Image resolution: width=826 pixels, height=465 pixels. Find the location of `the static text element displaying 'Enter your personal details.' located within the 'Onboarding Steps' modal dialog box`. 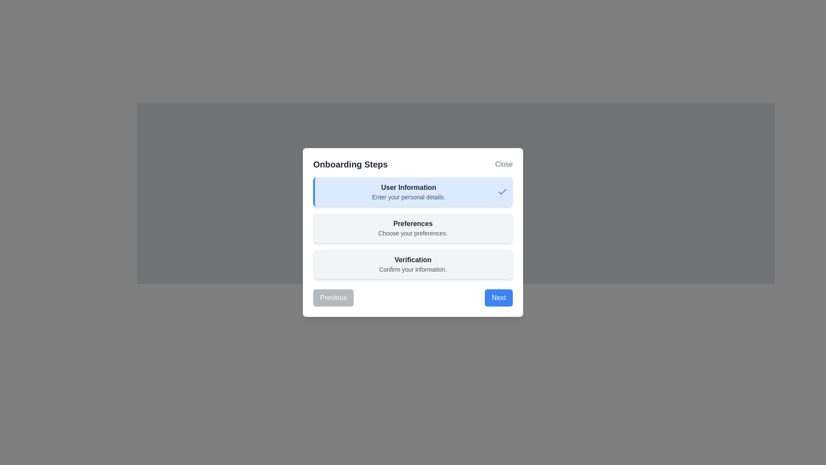

the static text element displaying 'Enter your personal details.' located within the 'Onboarding Steps' modal dialog box is located at coordinates (408, 197).